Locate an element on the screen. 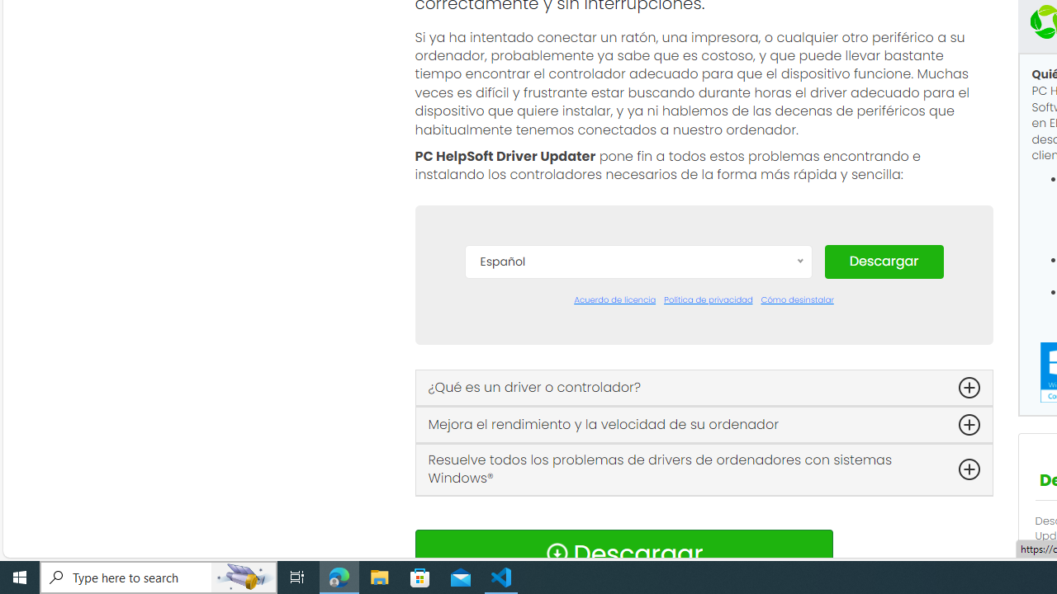 The height and width of the screenshot is (594, 1057). 'Download Icon' is located at coordinates (557, 554).